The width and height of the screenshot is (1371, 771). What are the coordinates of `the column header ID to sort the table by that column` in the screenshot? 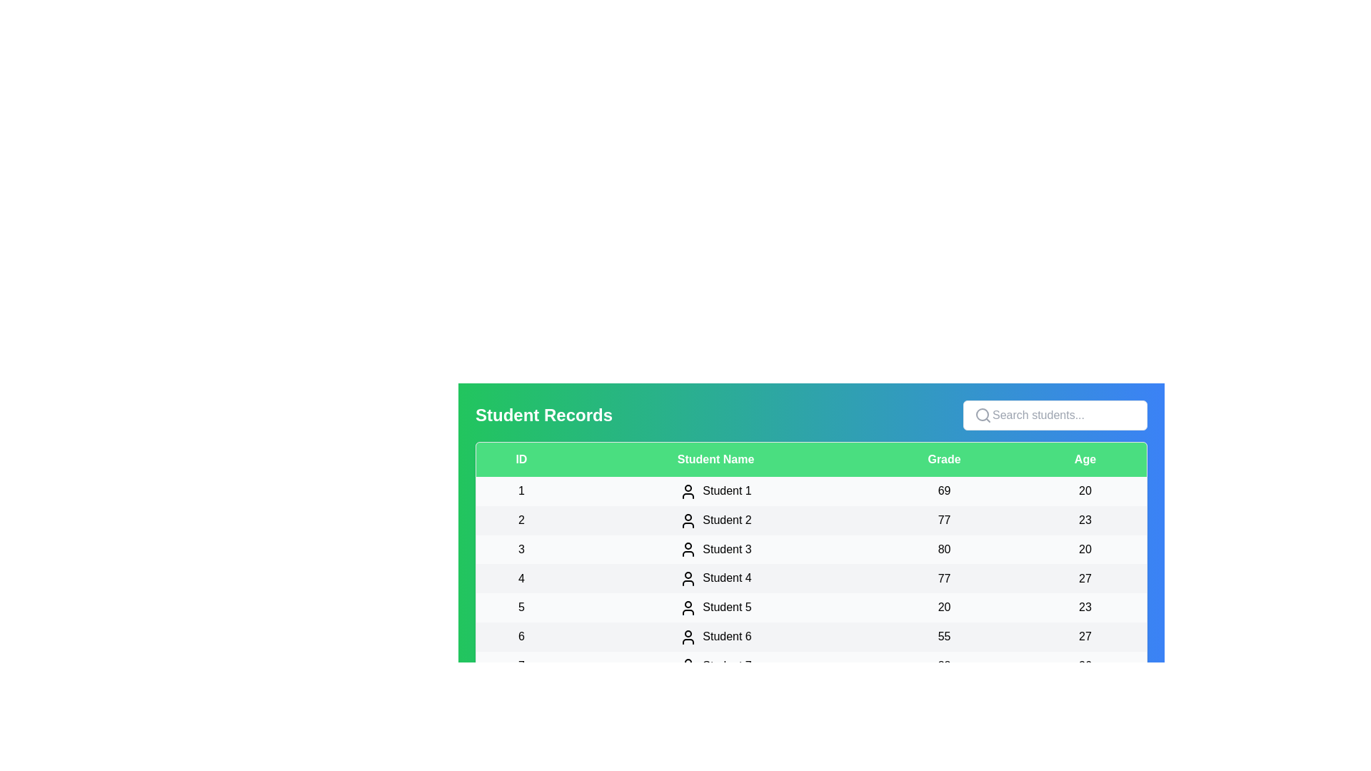 It's located at (520, 460).